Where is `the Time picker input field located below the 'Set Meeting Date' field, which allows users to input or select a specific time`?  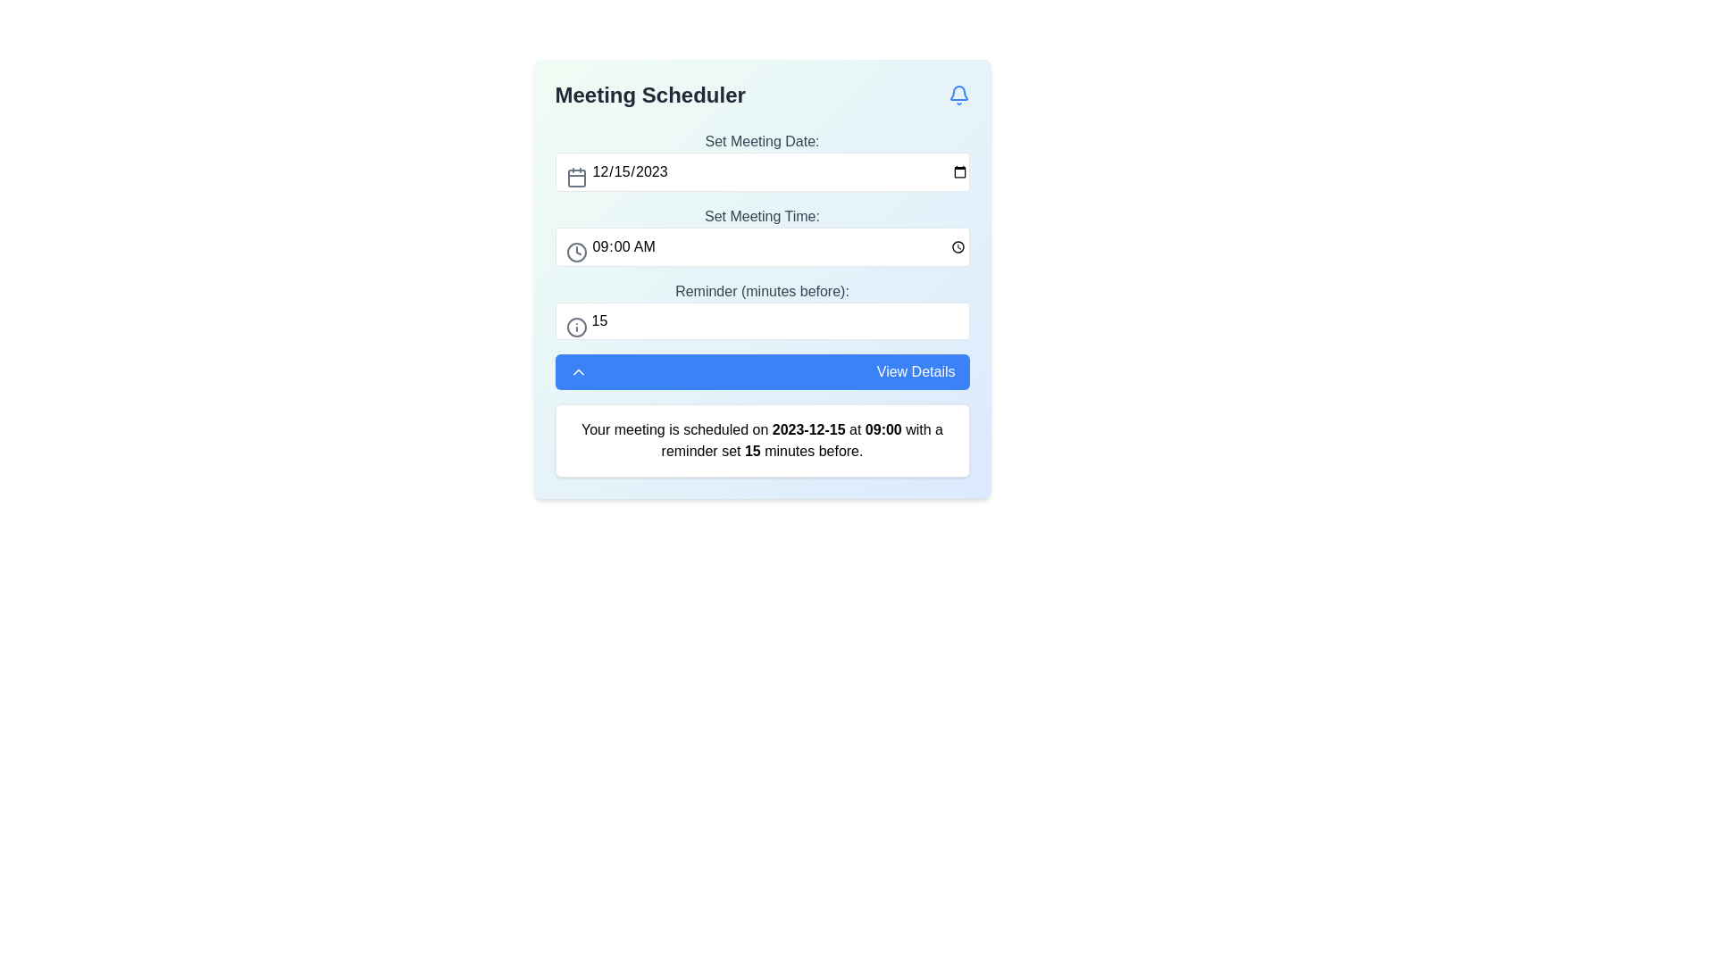
the Time picker input field located below the 'Set Meeting Date' field, which allows users to input or select a specific time is located at coordinates (762, 247).